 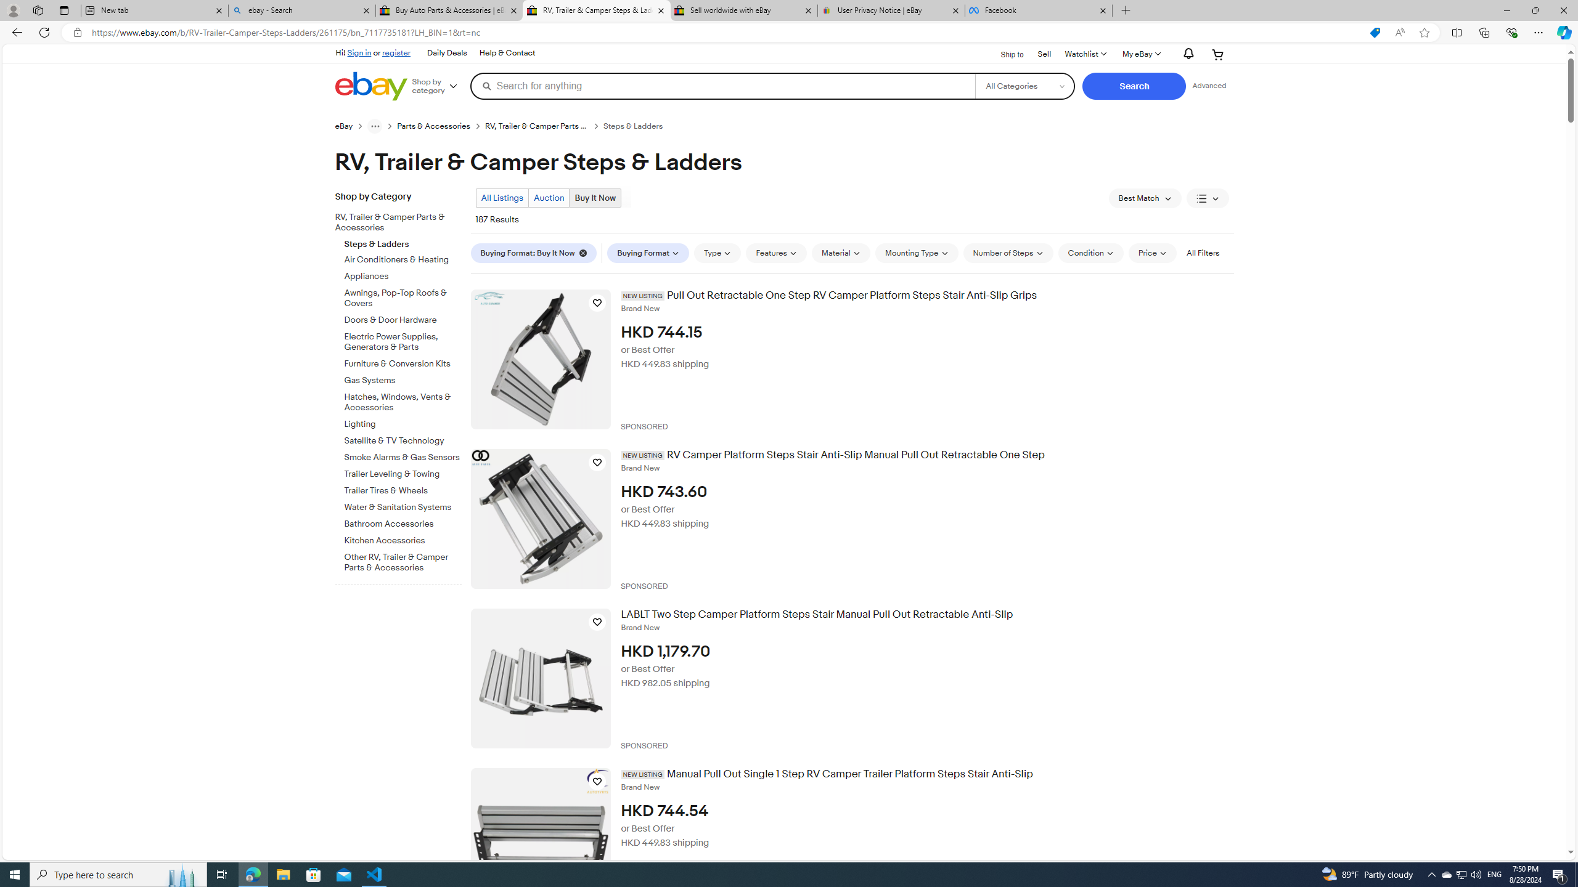 I want to click on 'Other RV, Trailer & Camper Parts & Accessories', so click(x=403, y=562).